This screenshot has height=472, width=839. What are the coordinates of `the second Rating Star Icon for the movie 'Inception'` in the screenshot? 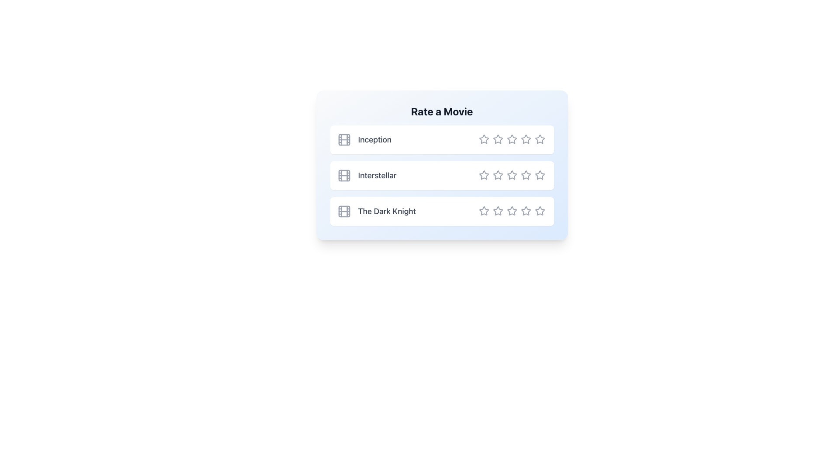 It's located at (498, 139).